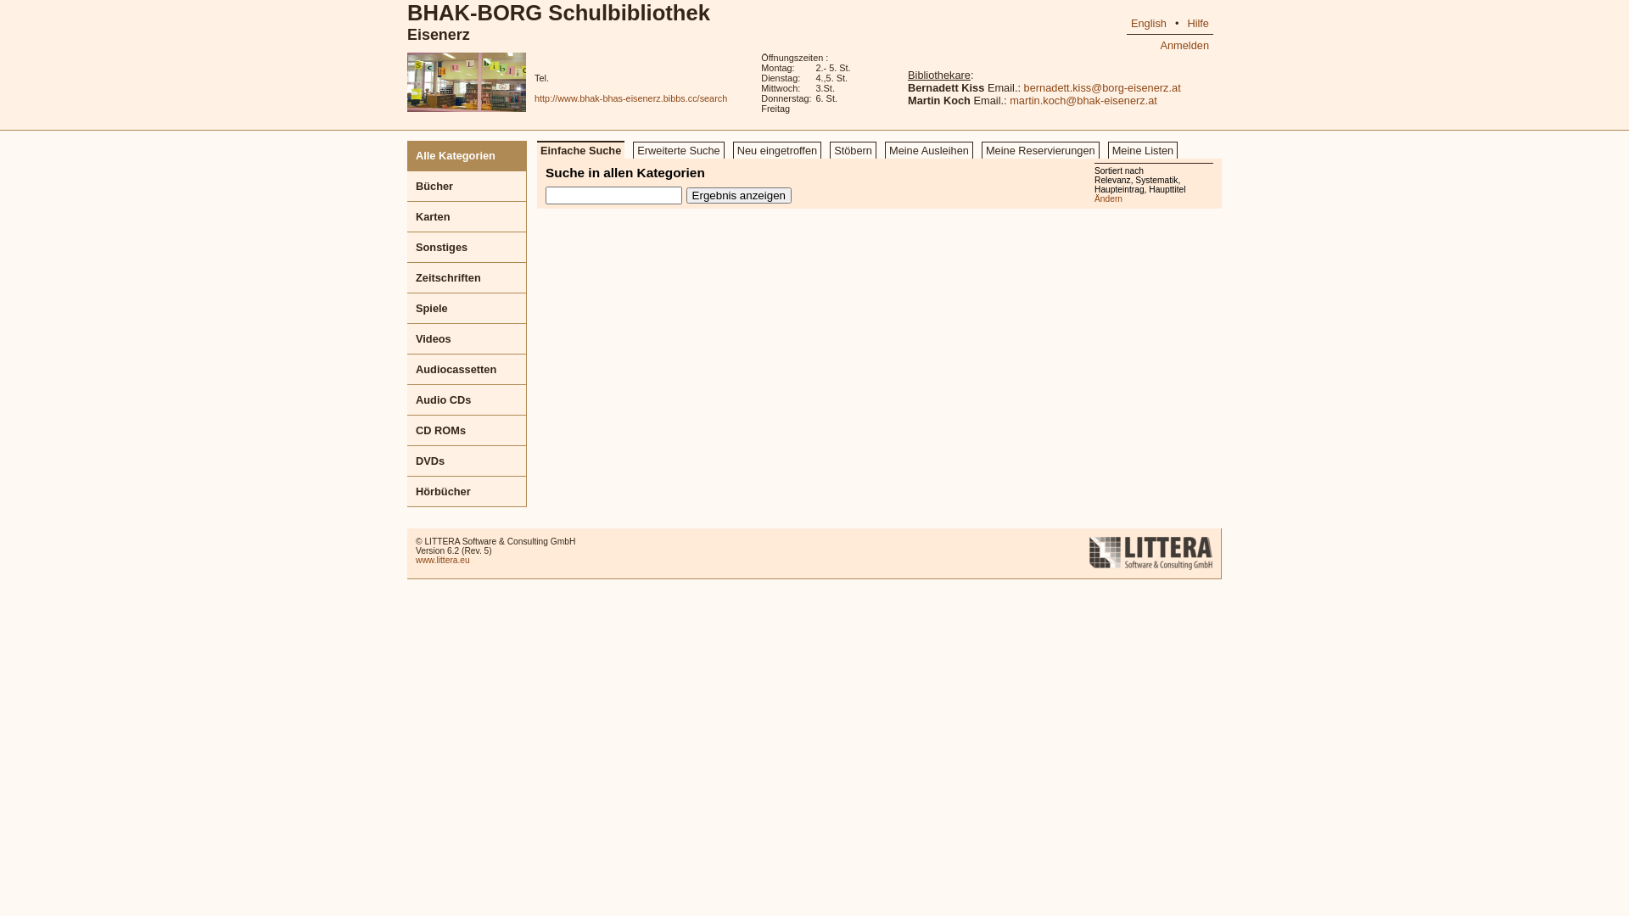  Describe the element at coordinates (776, 149) in the screenshot. I see `'Neu eingetroffen'` at that location.